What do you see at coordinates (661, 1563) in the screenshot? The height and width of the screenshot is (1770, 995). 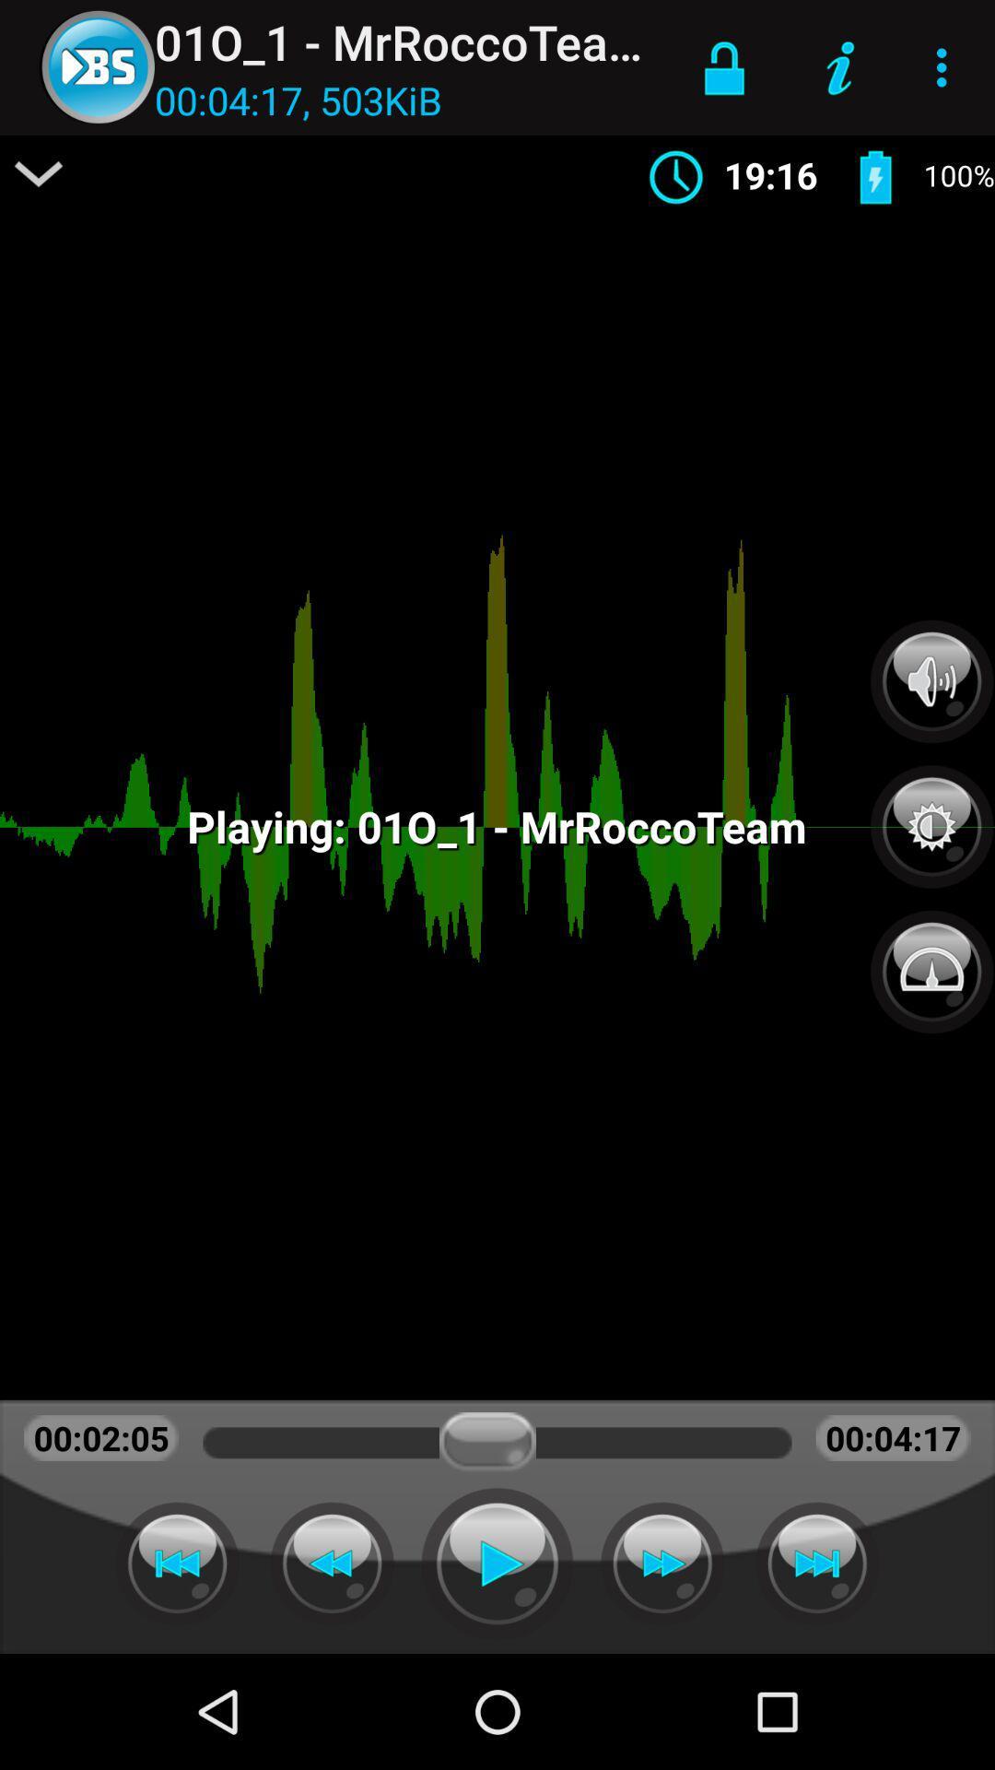 I see `advance audio` at bounding box center [661, 1563].